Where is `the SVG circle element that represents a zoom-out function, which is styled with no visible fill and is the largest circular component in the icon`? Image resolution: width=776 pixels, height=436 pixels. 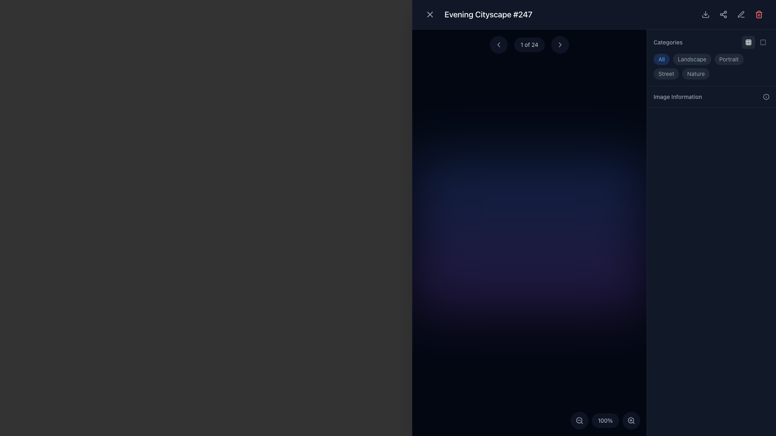 the SVG circle element that represents a zoom-out function, which is styled with no visible fill and is the largest circular component in the icon is located at coordinates (578, 420).